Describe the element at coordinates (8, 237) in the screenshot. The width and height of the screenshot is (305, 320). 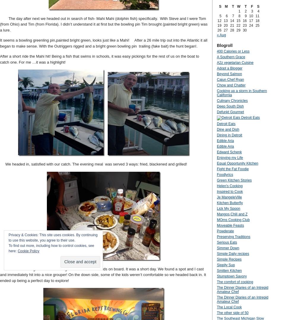
I see `'Privacy & Cookies: This site uses cookies. By continuing to use this website, you agree to their use.'` at that location.